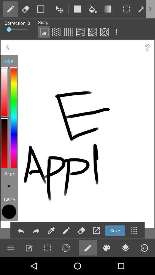  I want to click on draw a square, so click(77, 9).